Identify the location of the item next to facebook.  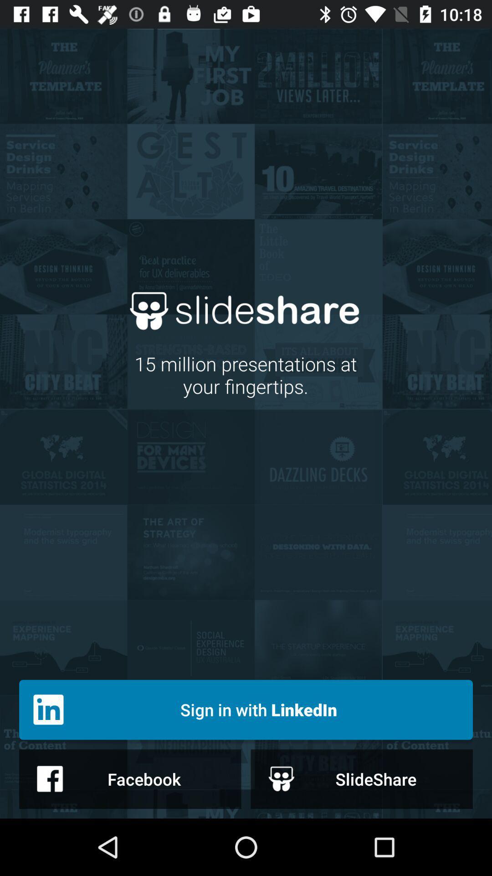
(361, 778).